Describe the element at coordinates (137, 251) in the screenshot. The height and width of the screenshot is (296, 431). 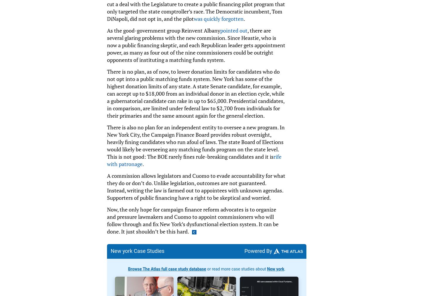
I see `'New york Case Studies'` at that location.